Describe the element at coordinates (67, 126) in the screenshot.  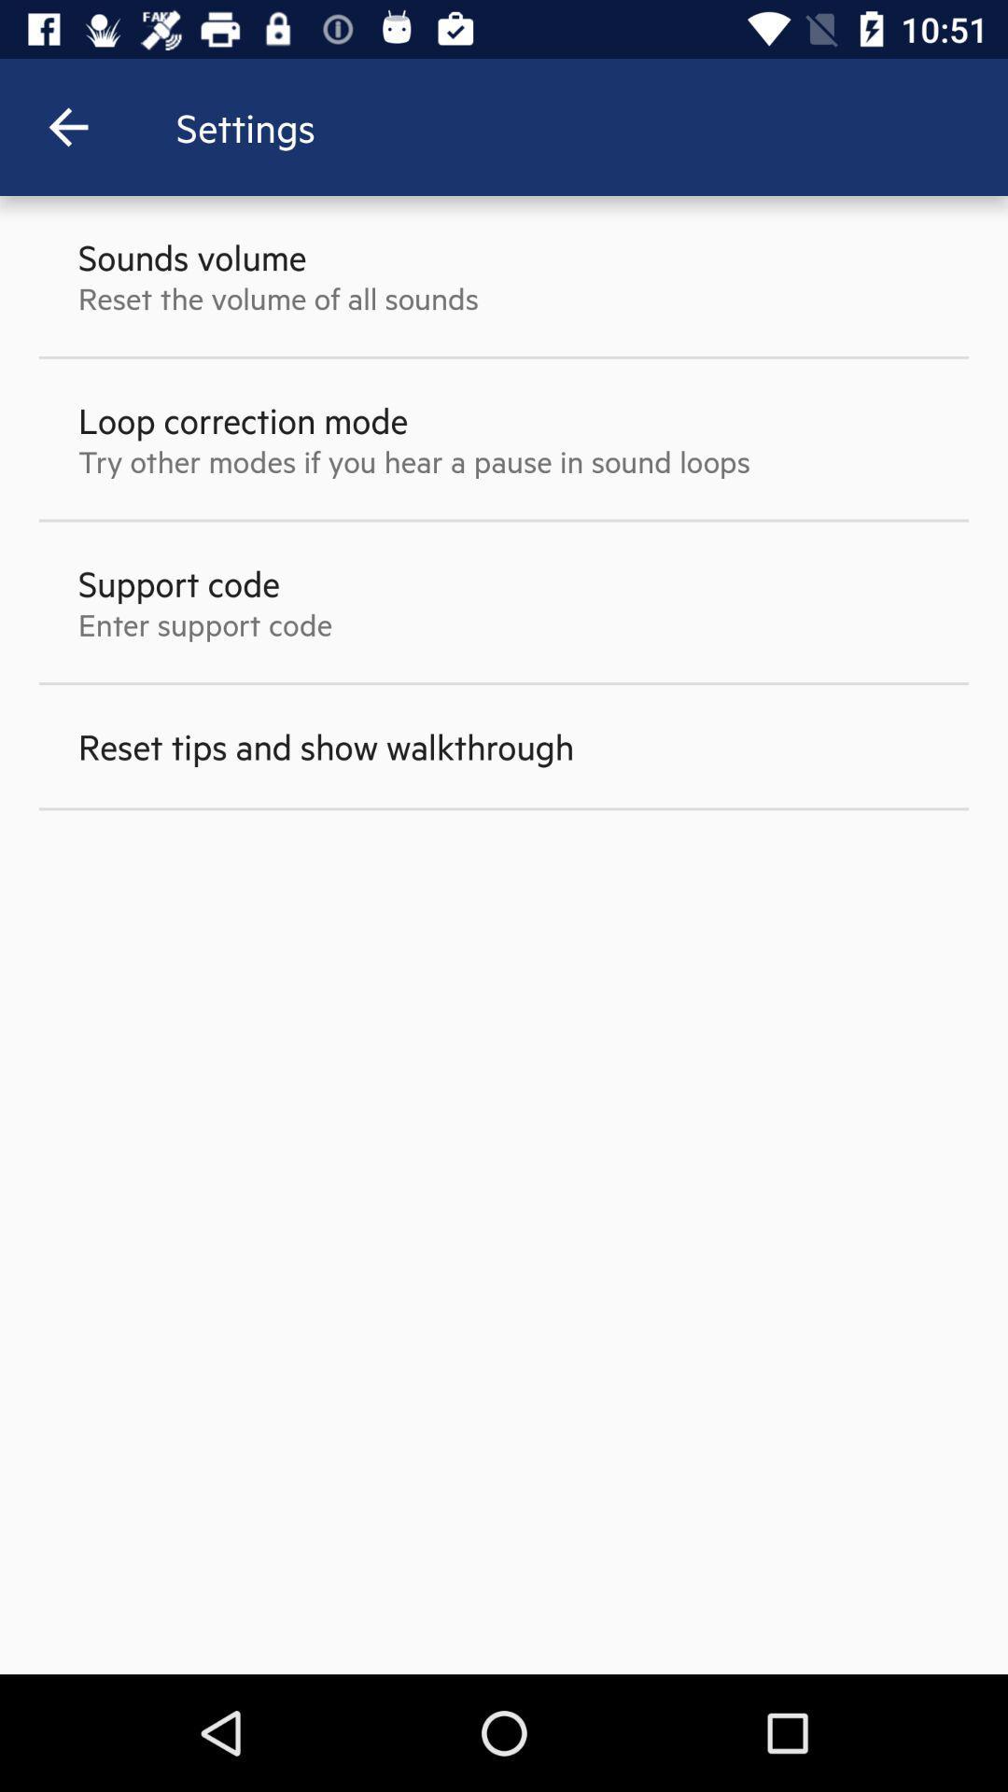
I see `icon to the left of the settings icon` at that location.